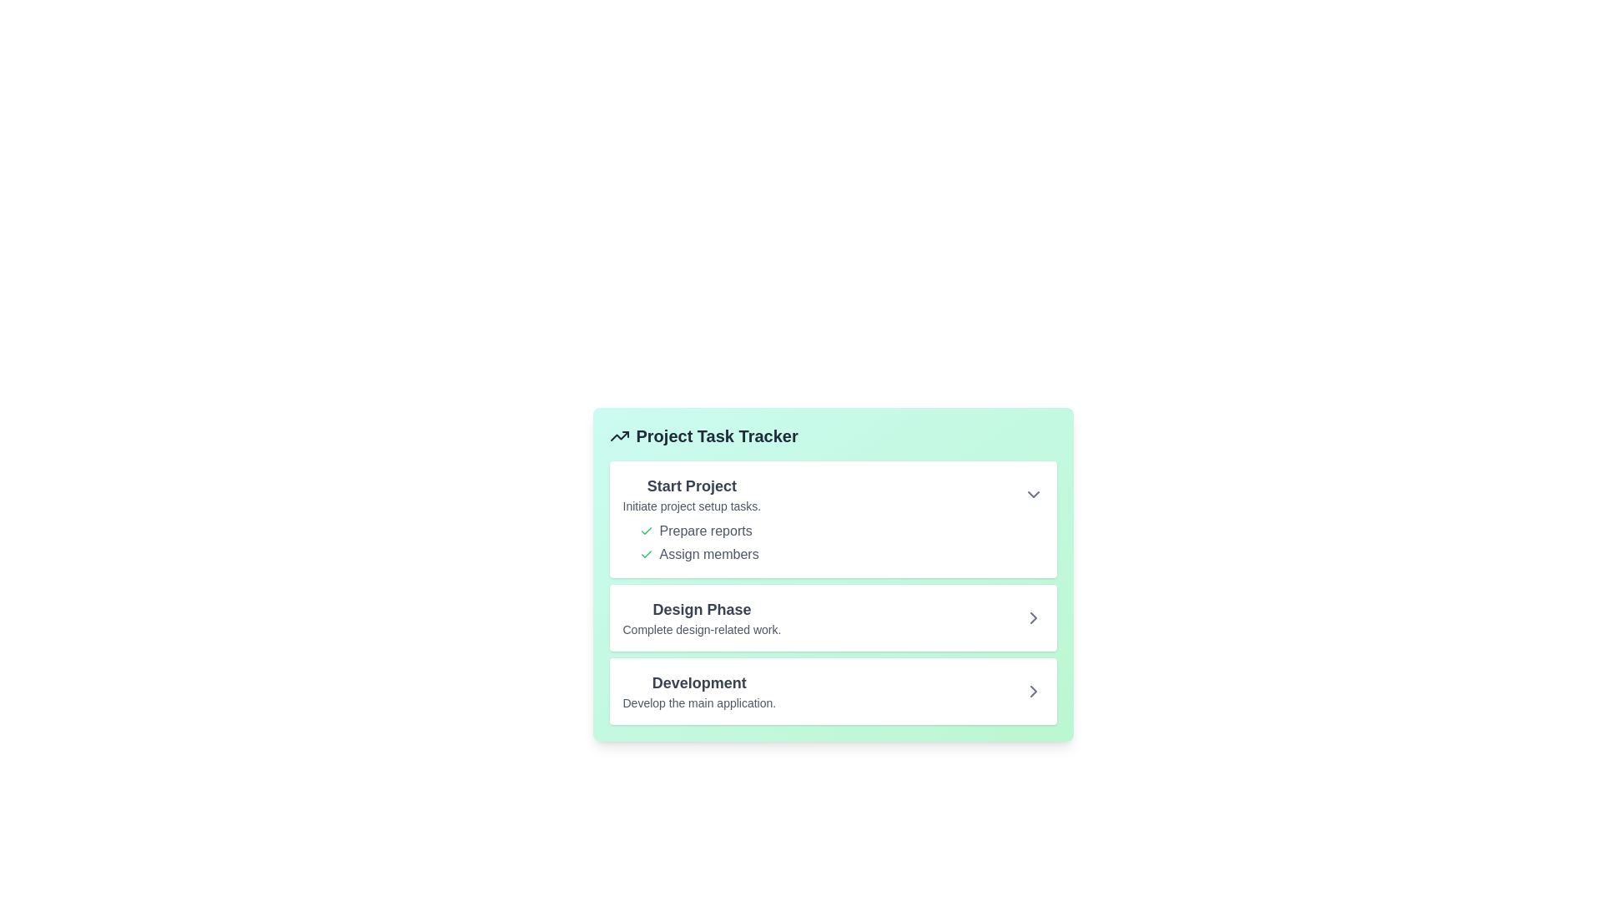  I want to click on the step Assign members in the expanded task, so click(645, 554).